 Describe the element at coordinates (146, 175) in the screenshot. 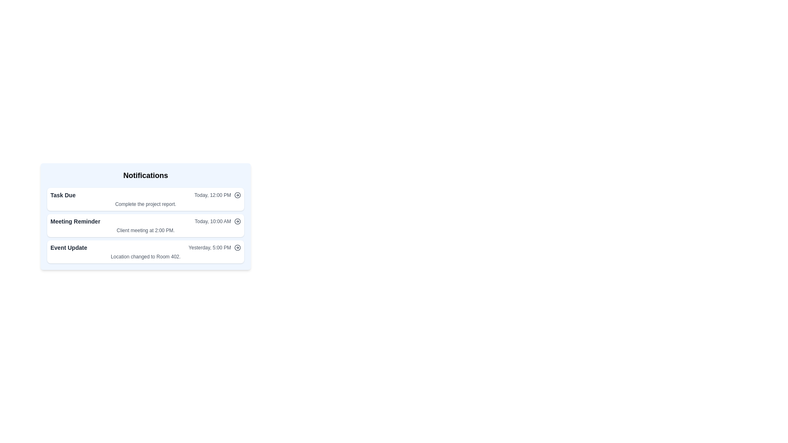

I see `the bold, large-text label displaying 'Notifications', which is located at the top of the notification panel with a light blue background` at that location.